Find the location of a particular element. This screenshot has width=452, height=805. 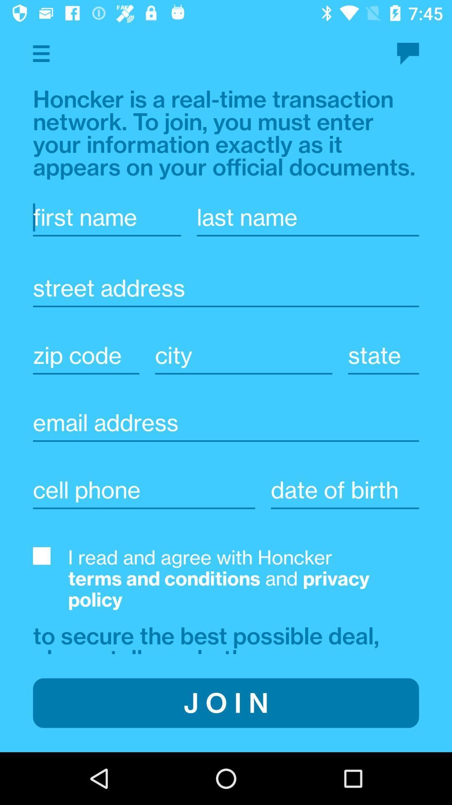

open app menu is located at coordinates (41, 53).